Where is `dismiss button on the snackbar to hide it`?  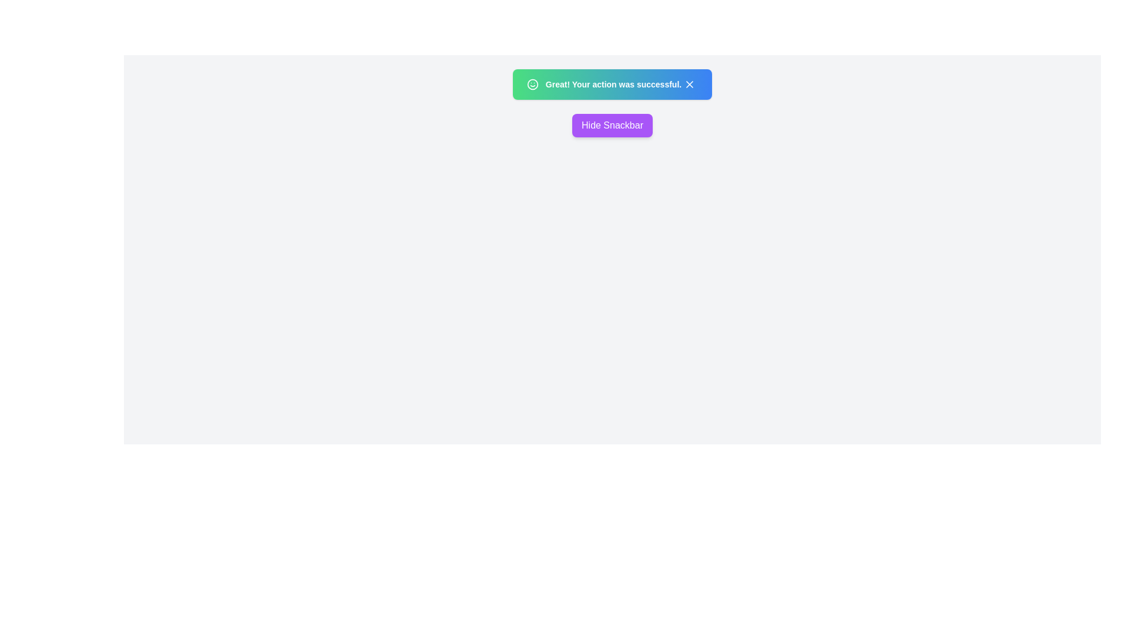
dismiss button on the snackbar to hide it is located at coordinates (690, 83).